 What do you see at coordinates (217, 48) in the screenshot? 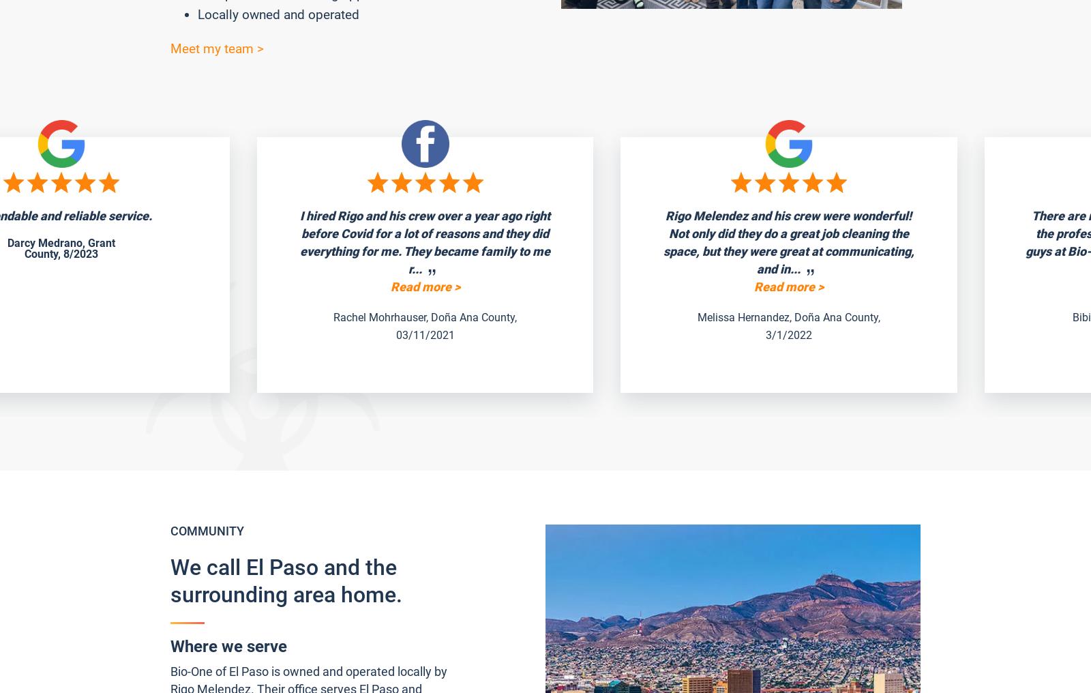
I see `'Meet my team >'` at bounding box center [217, 48].